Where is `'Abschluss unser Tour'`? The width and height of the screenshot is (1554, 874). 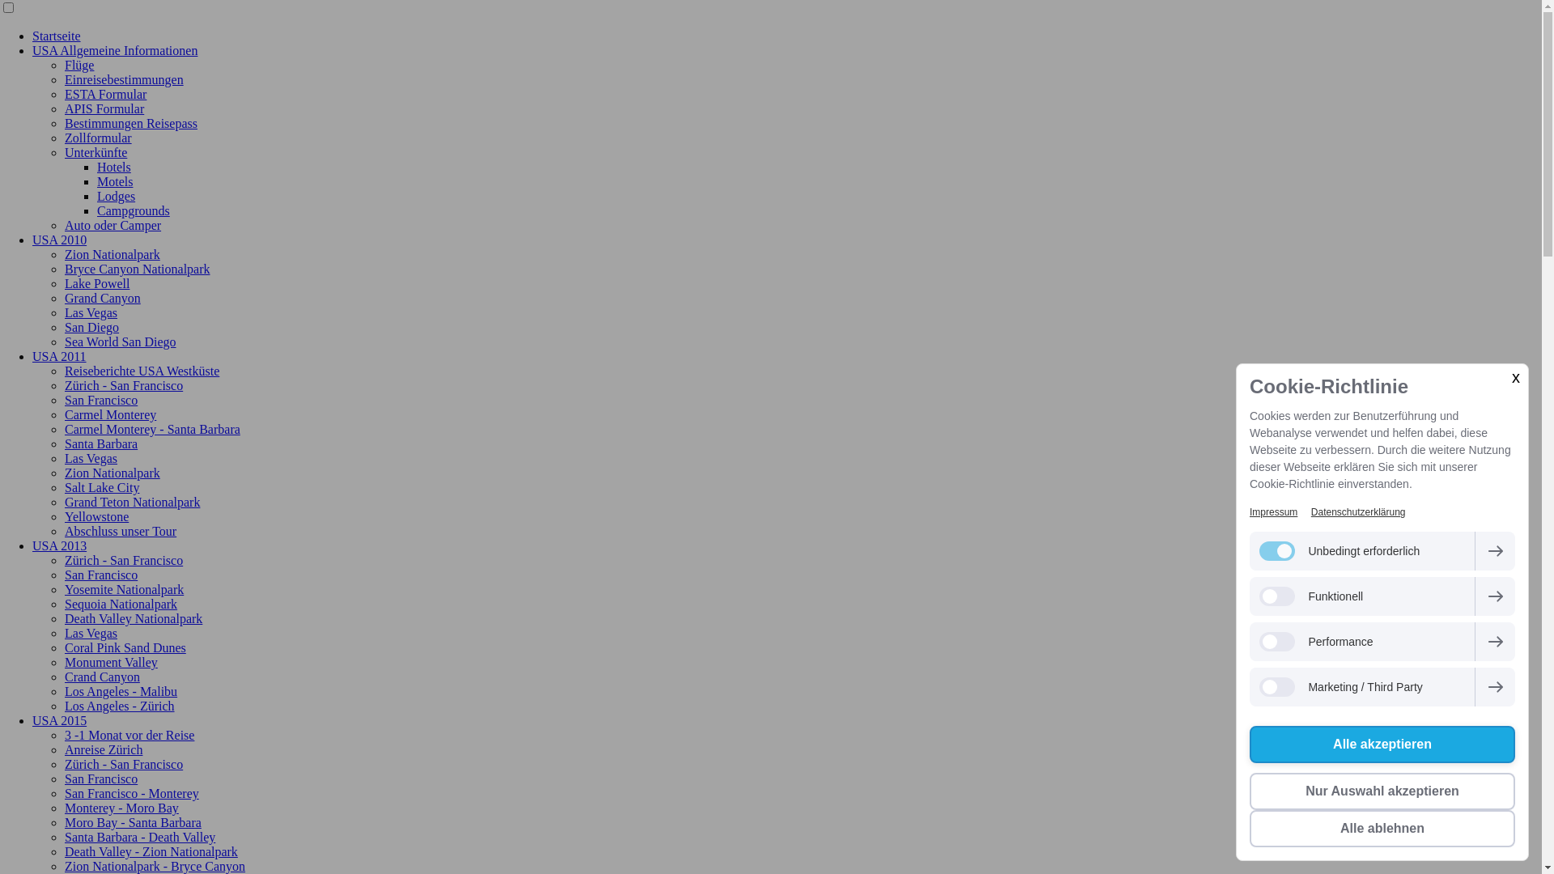
'Abschluss unser Tour' is located at coordinates (65, 531).